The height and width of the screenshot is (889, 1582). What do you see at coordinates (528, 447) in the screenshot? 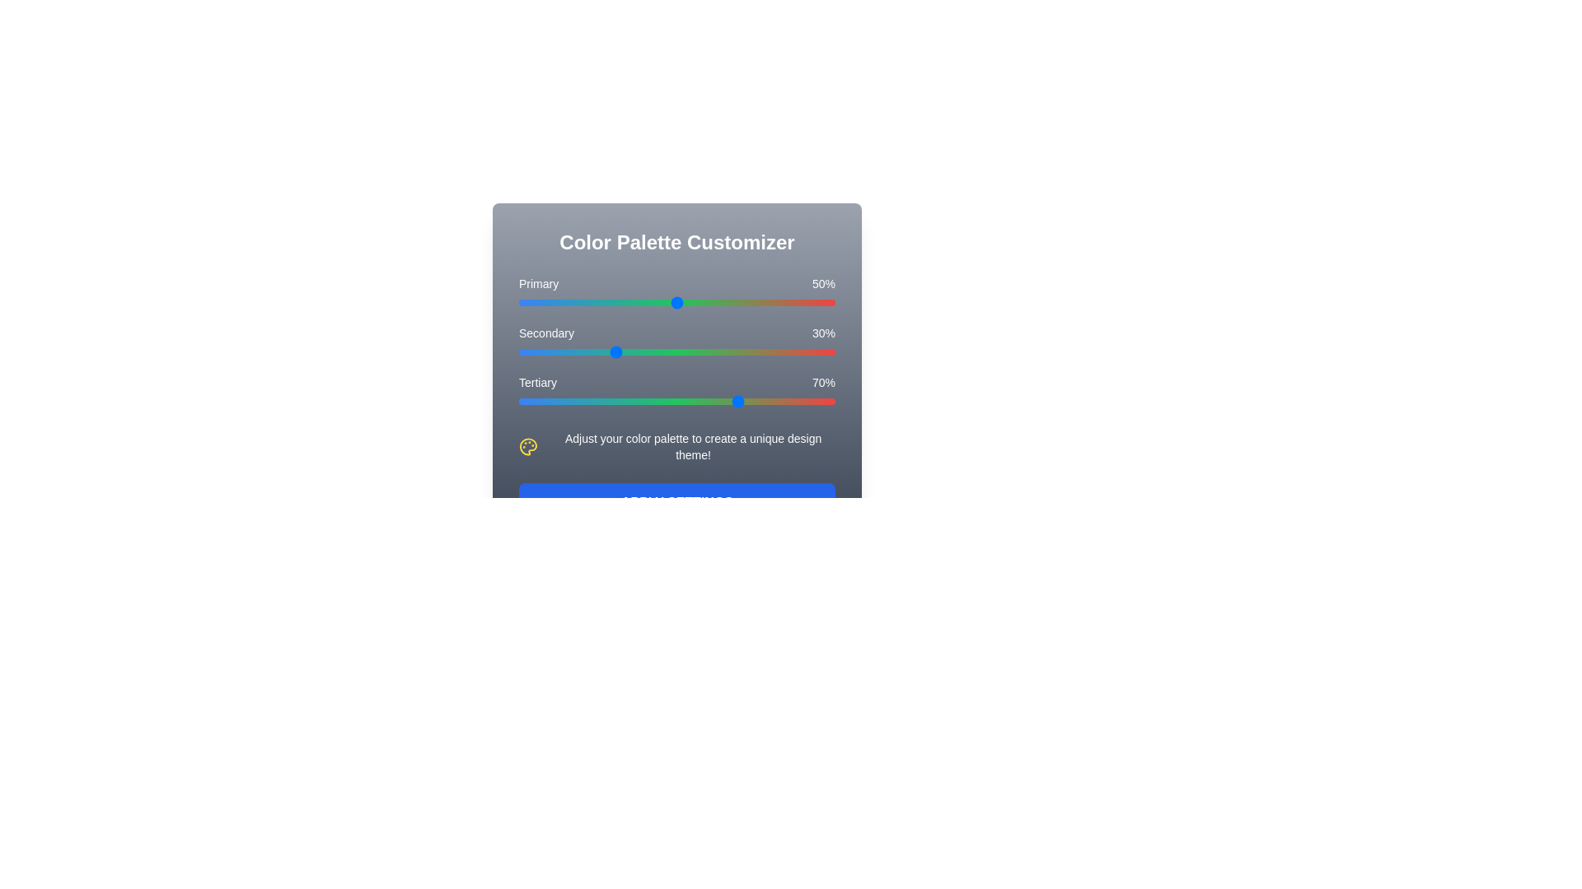
I see `the non-interactive color palette customization icon, located near the center-bottom area of the UI, above the 'ADJUST COLORS' button` at bounding box center [528, 447].